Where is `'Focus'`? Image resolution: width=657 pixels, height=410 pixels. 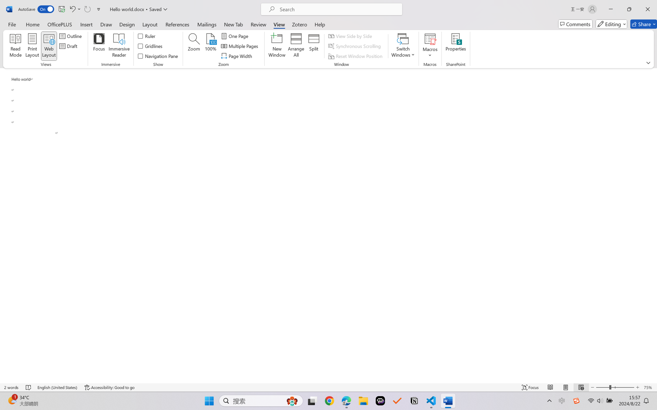 'Focus' is located at coordinates (99, 46).